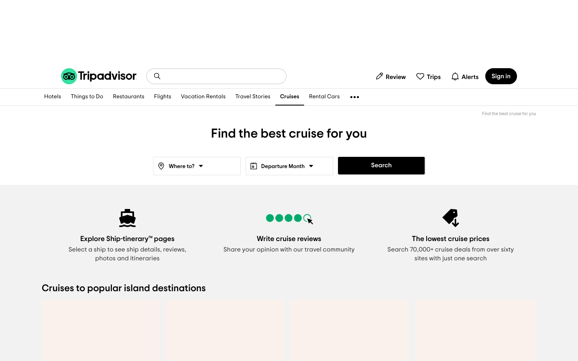 This screenshot has height=361, width=578. Describe the element at coordinates (87, 97) in the screenshot. I see `View things to do in current place` at that location.